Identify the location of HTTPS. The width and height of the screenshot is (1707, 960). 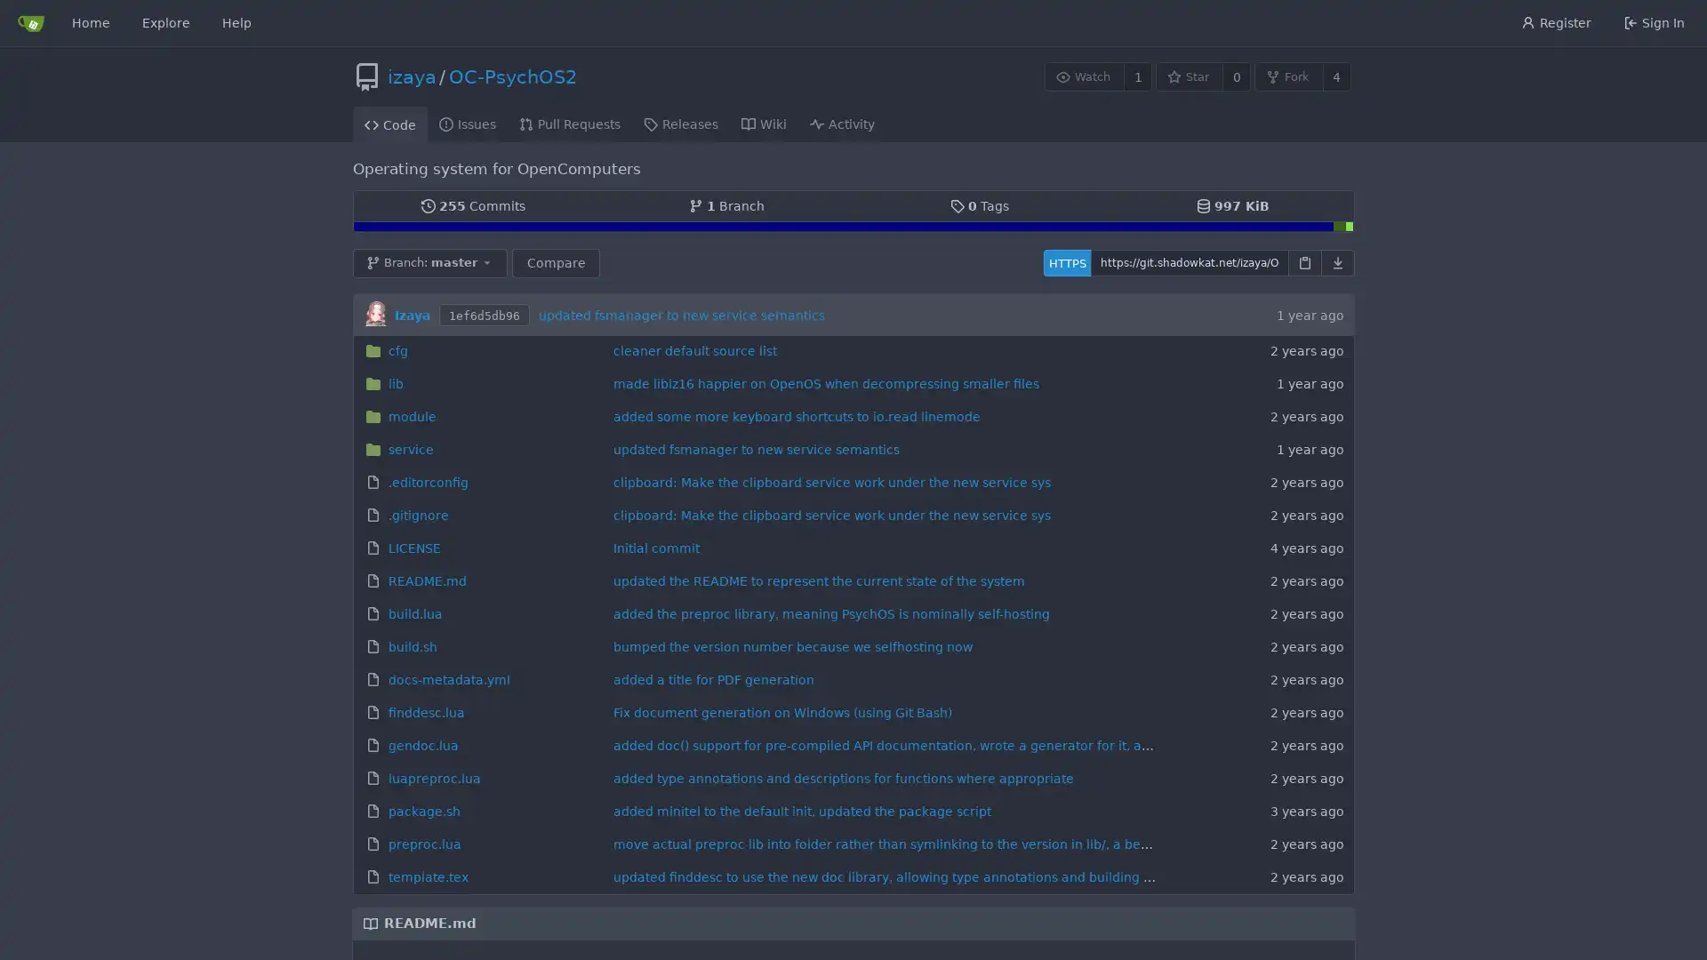
(1066, 263).